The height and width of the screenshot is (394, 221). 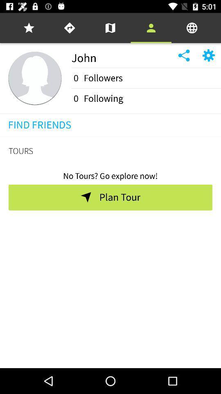 What do you see at coordinates (103, 78) in the screenshot?
I see `icon next to the 0` at bounding box center [103, 78].